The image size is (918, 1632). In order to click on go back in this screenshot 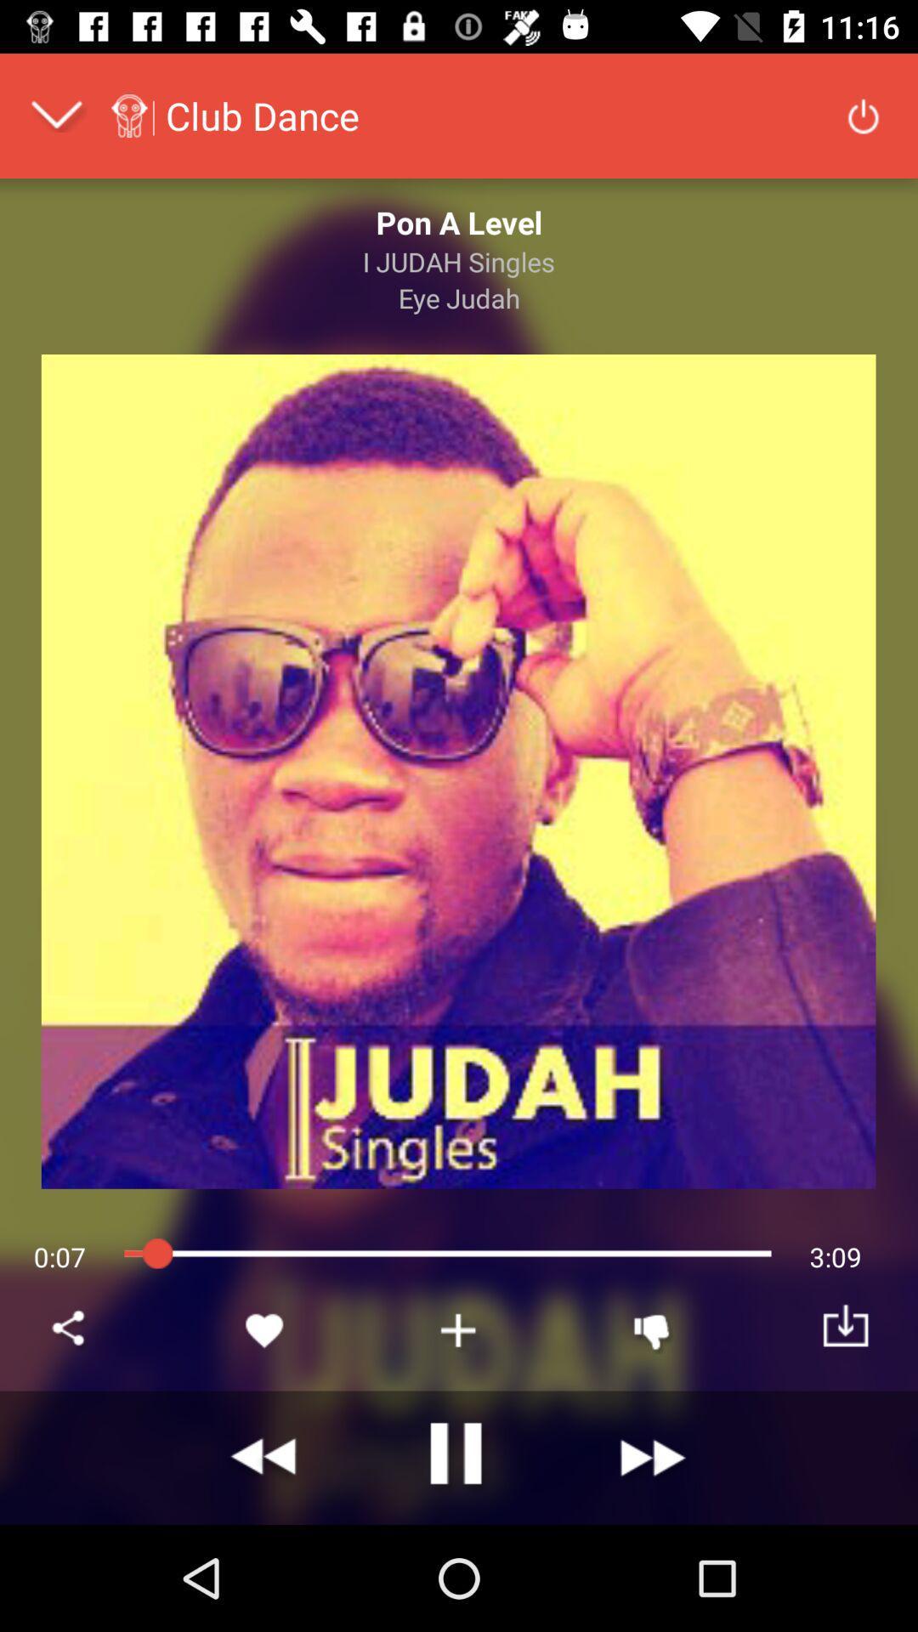, I will do `click(265, 1457)`.